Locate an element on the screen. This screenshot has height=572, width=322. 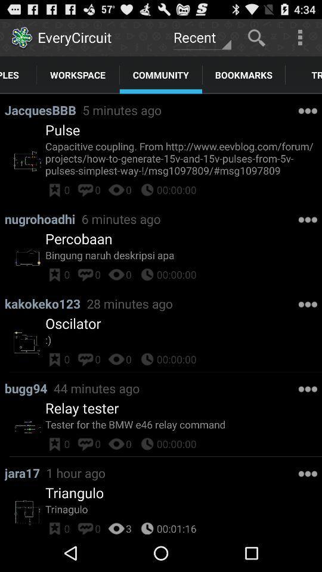
the capacitive coupling from item is located at coordinates (184, 157).